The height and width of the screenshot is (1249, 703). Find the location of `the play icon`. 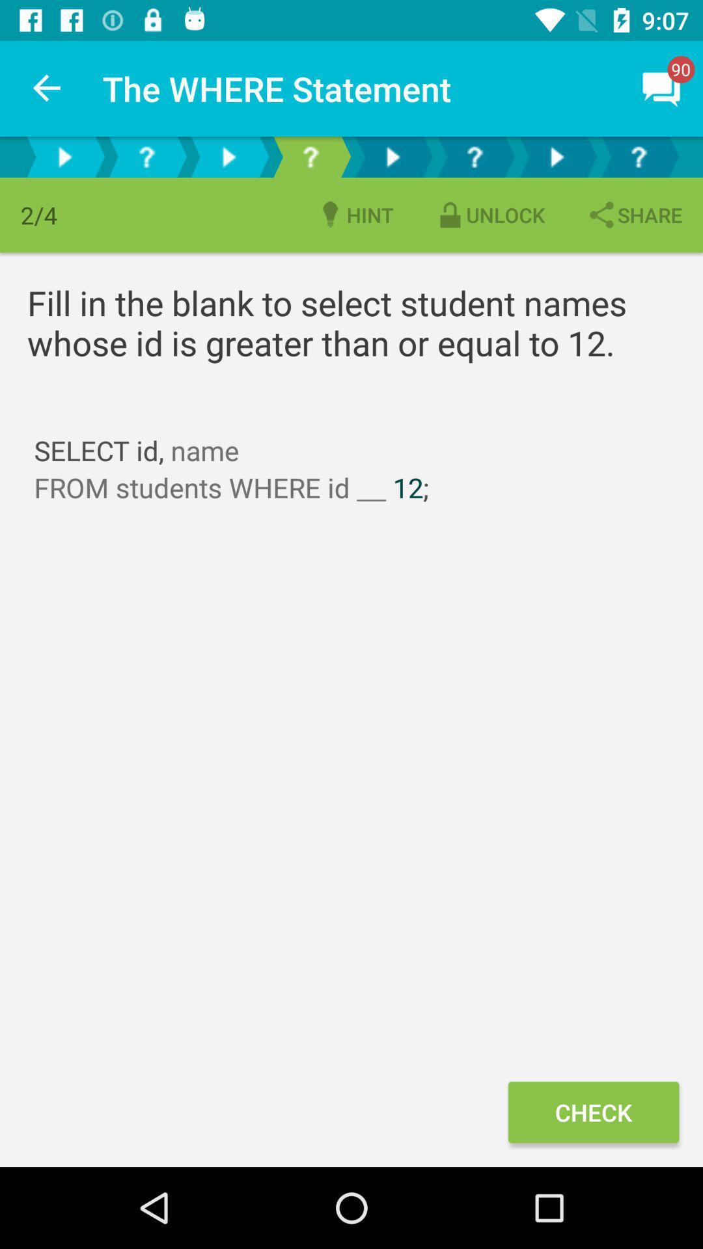

the play icon is located at coordinates (228, 156).